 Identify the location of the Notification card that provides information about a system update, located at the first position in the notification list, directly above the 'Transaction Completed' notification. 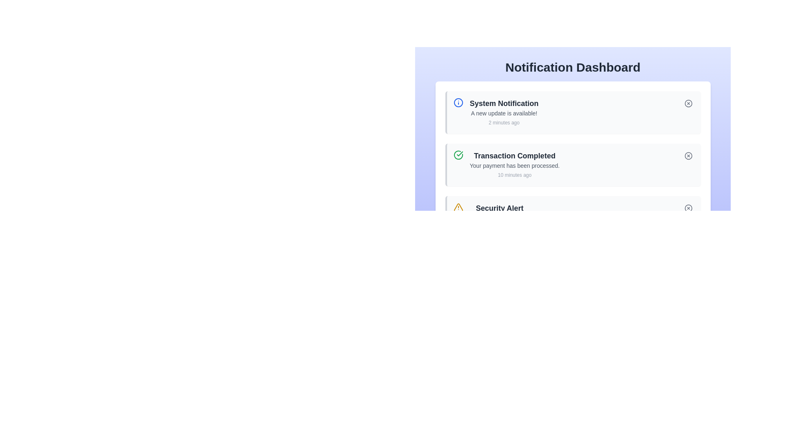
(572, 112).